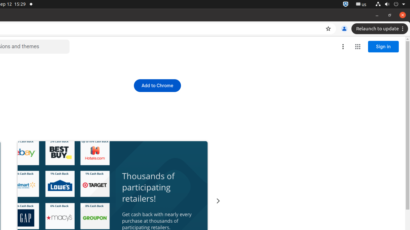  Describe the element at coordinates (357, 46) in the screenshot. I see `'Google apps'` at that location.